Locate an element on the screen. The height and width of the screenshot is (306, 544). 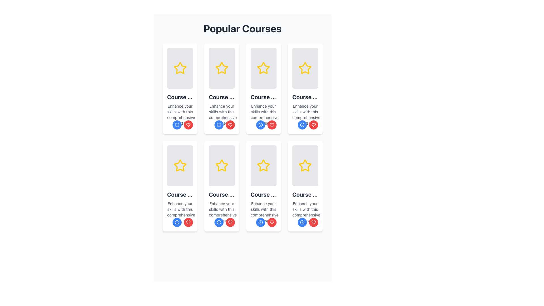
the blue circular button with an 'i' icon located in the button group at the bottom right corner of the card titled 'Course Title 2' is located at coordinates (224, 124).